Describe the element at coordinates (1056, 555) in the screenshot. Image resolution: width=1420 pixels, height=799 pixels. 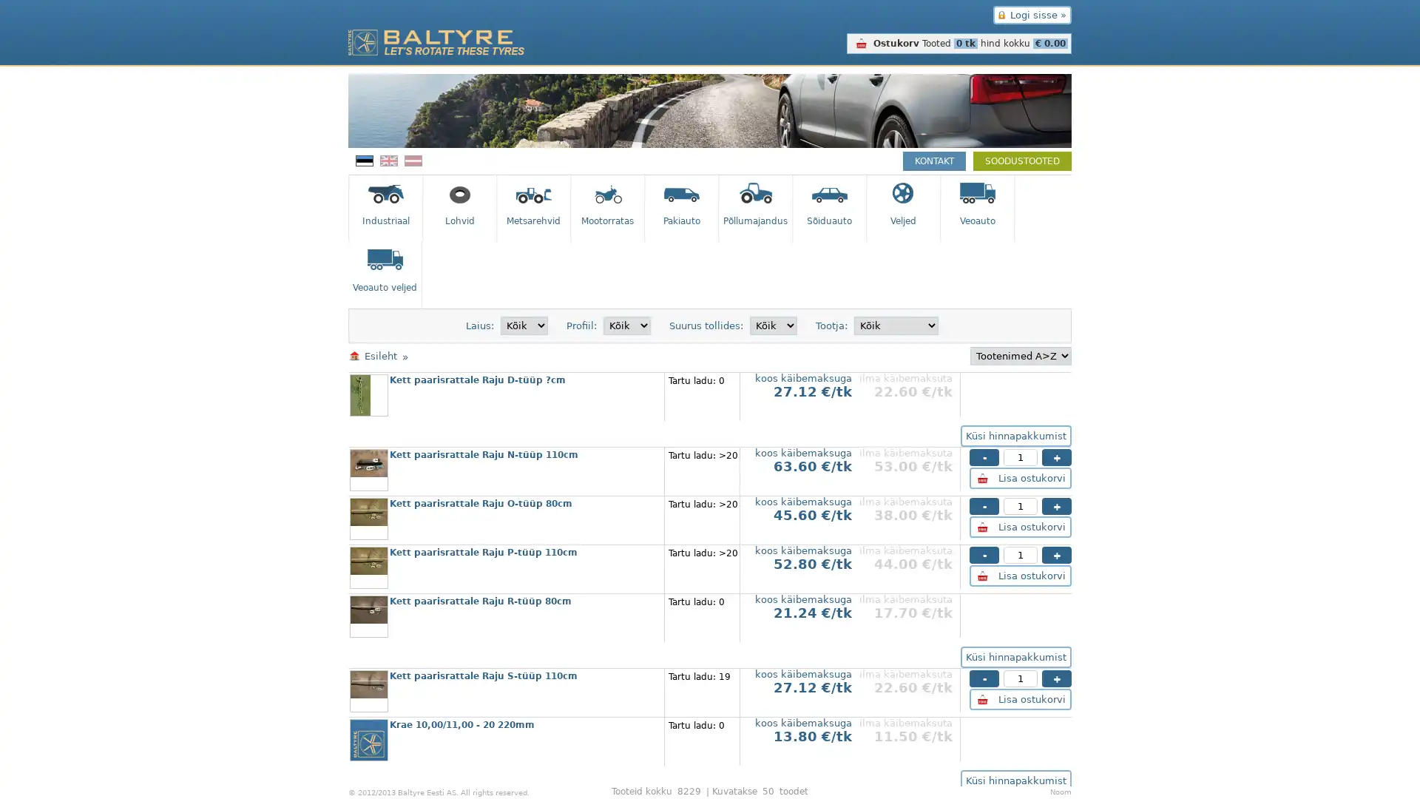
I see `+` at that location.